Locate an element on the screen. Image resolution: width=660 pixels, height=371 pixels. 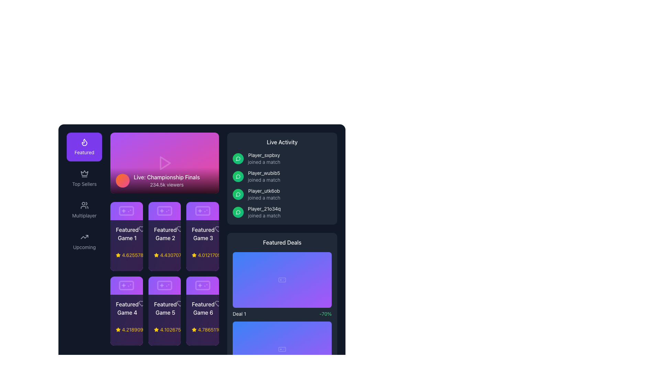
the heart icon located in the top-right region of the 'Featured Game 3' card is located at coordinates (218, 229).